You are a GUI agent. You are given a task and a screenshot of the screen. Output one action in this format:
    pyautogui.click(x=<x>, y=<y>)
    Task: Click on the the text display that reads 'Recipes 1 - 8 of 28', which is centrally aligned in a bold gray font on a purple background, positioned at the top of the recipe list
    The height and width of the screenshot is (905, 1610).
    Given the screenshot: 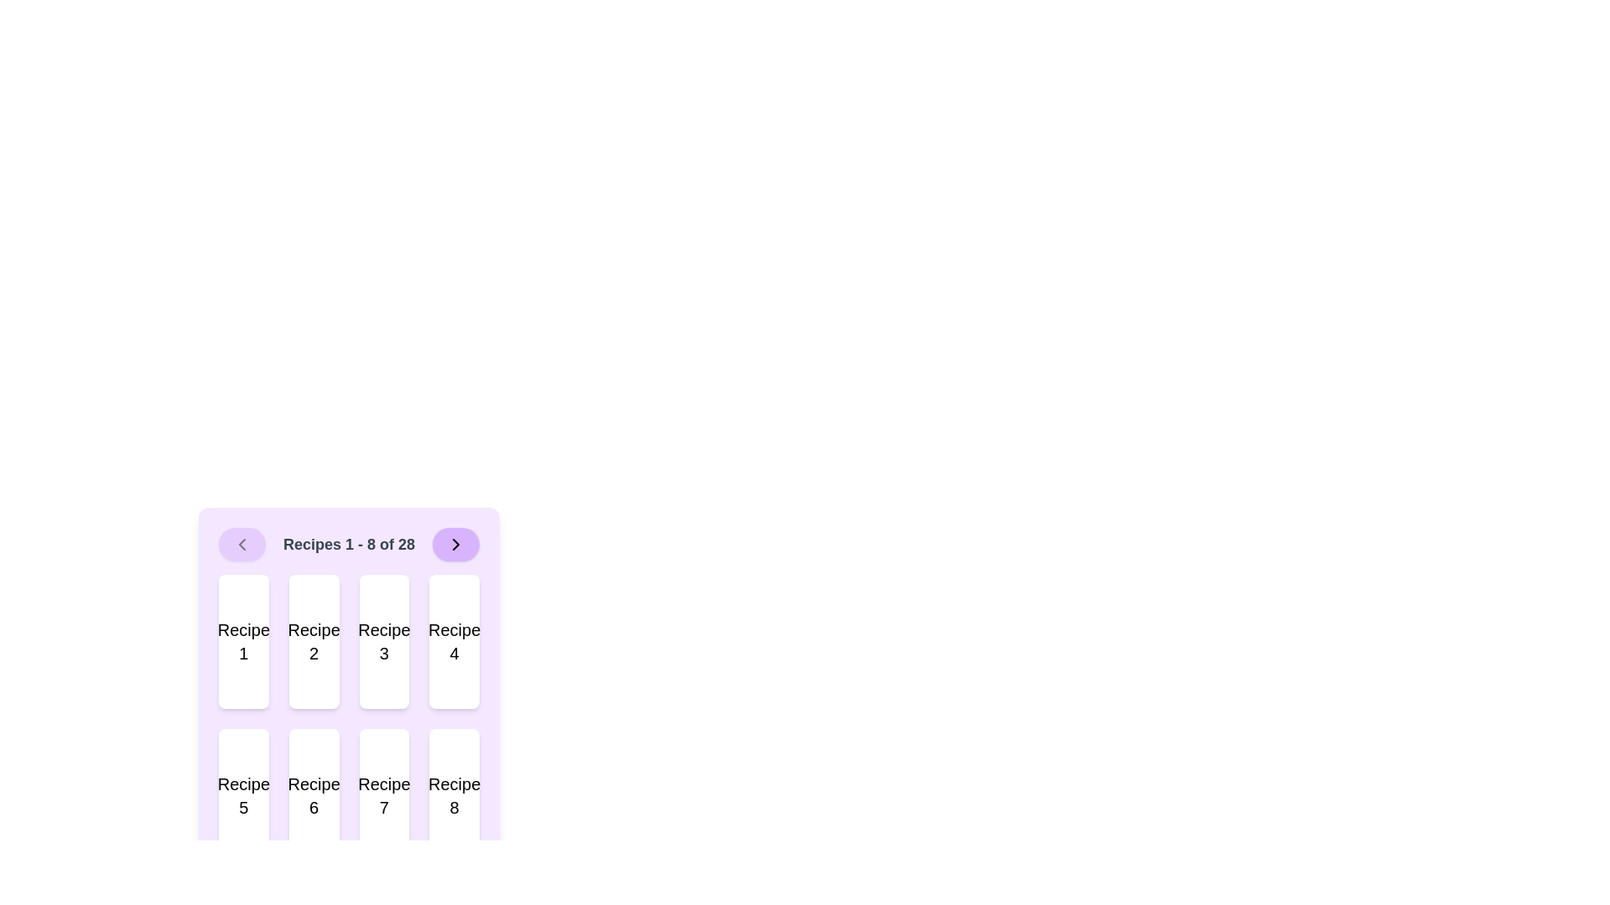 What is the action you would take?
    pyautogui.click(x=348, y=545)
    